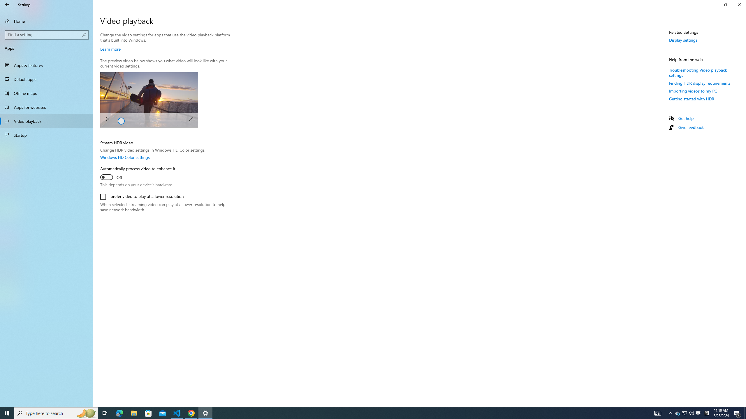 The height and width of the screenshot is (419, 746). I want to click on 'Finding HDR display requirements', so click(700, 83).